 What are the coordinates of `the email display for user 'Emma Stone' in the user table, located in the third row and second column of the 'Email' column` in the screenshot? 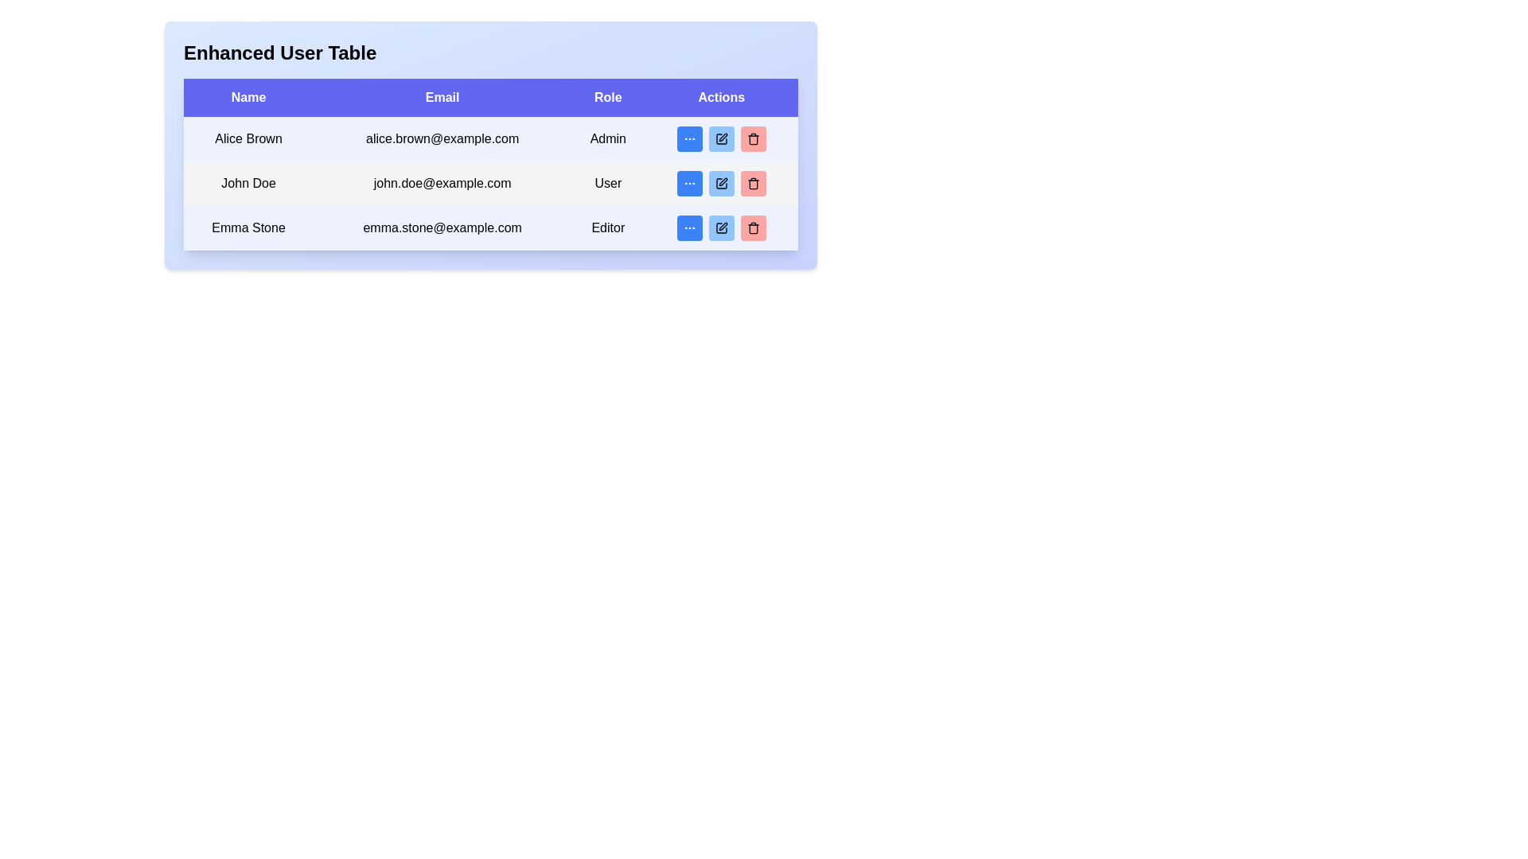 It's located at (442, 227).